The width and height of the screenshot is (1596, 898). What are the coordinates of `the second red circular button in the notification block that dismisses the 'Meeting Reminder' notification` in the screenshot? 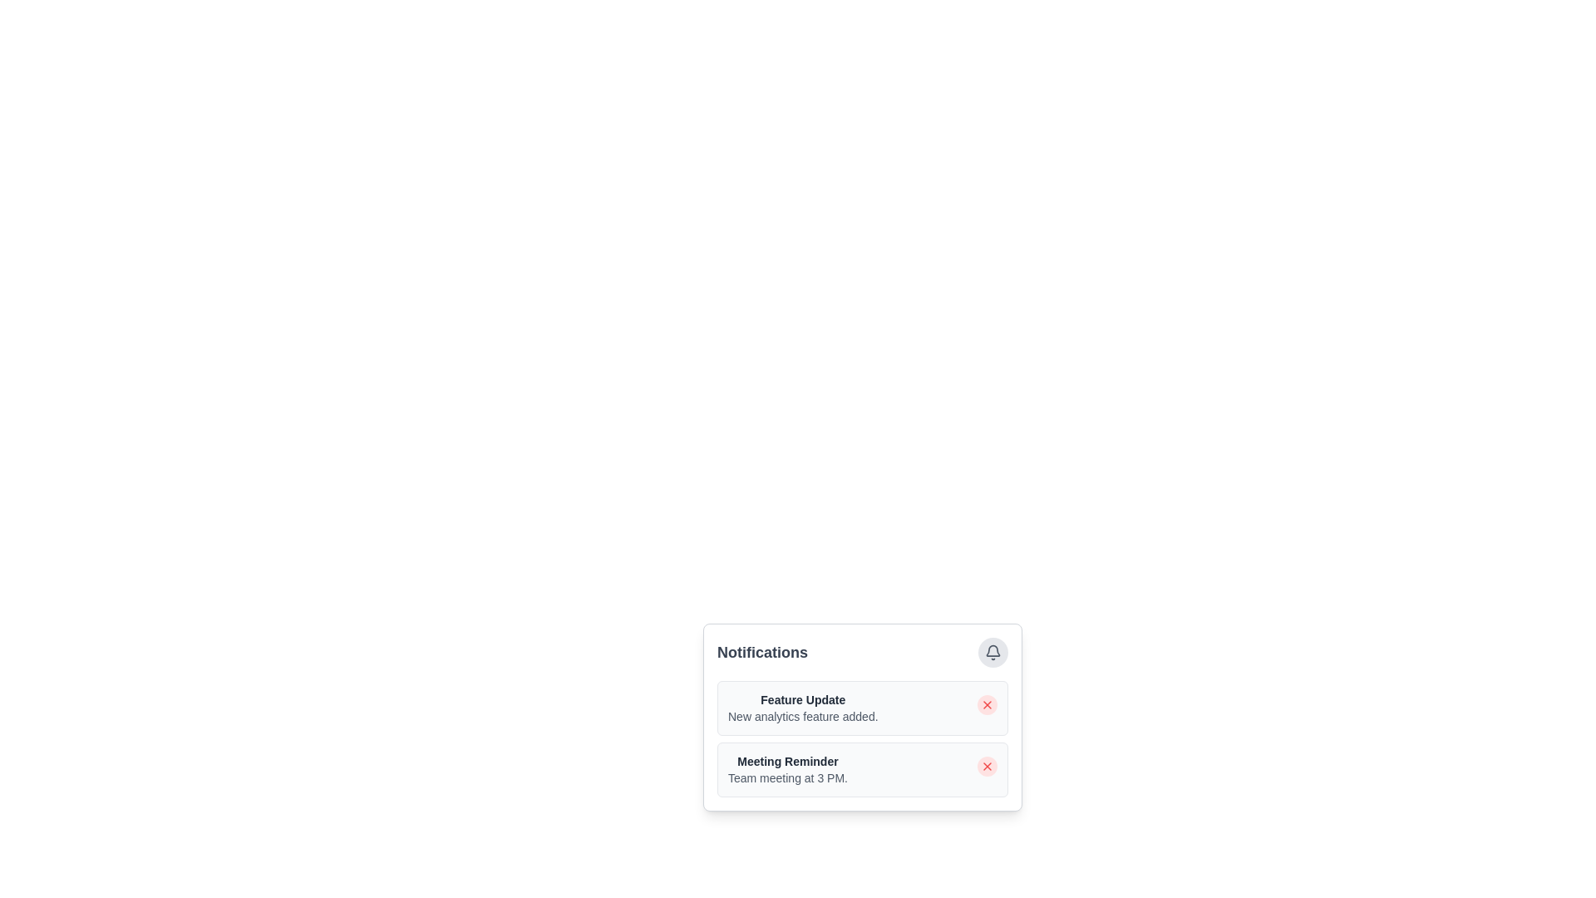 It's located at (988, 766).